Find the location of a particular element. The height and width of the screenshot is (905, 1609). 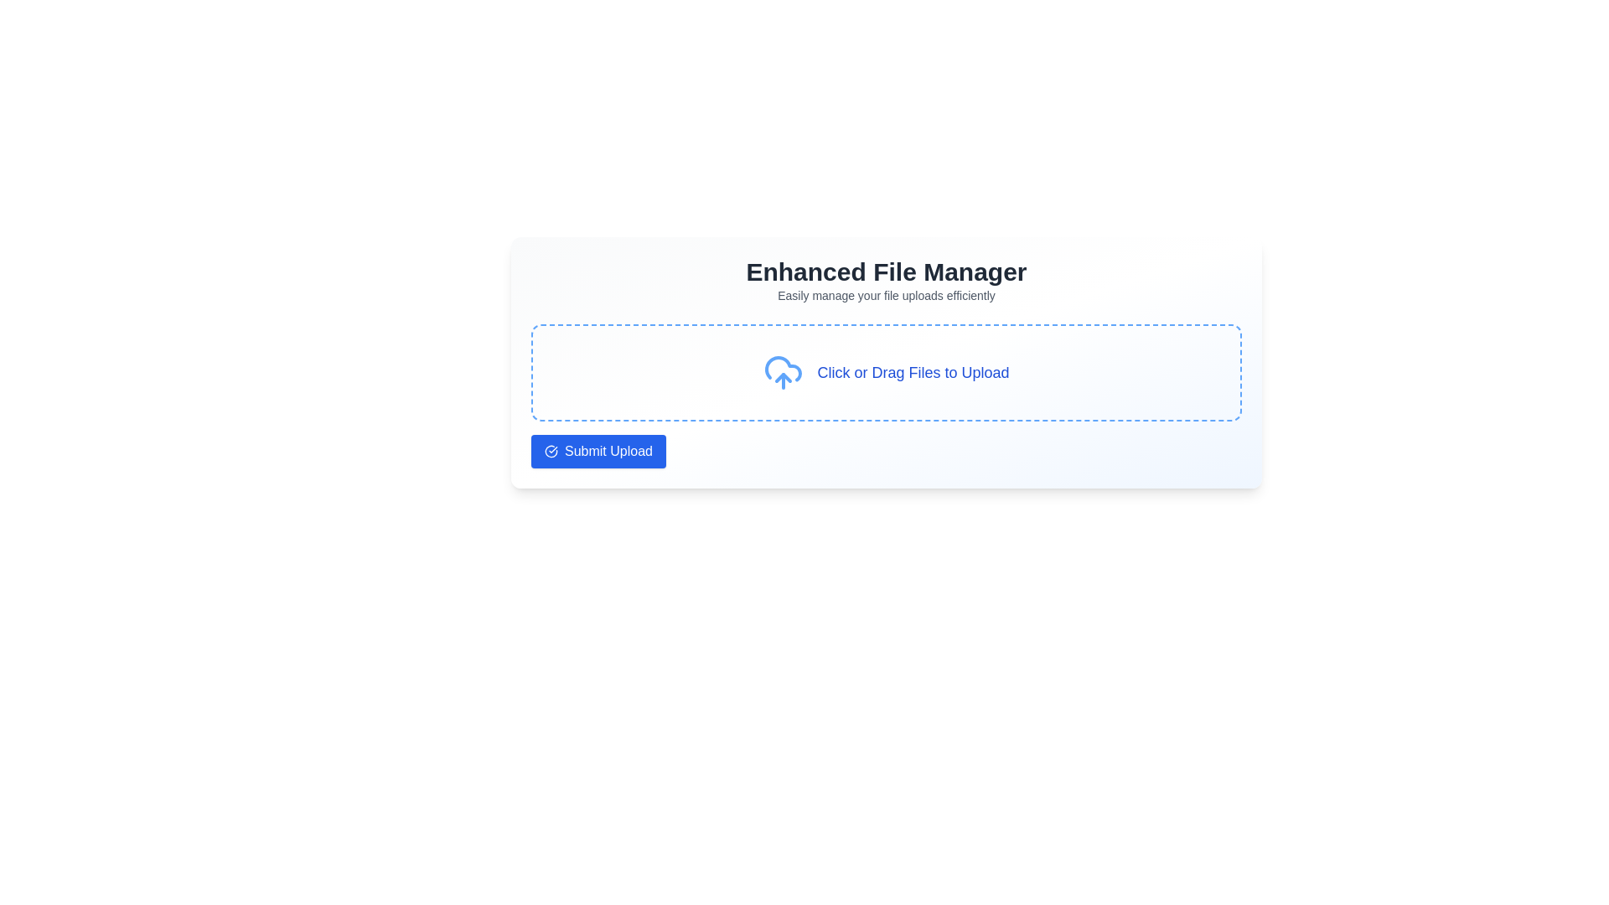

text label that reads 'Easily manage your file uploads efficiently', which is styled in a small, light gray font and positioned directly below the title 'Enhanced File Manager' is located at coordinates (885, 295).